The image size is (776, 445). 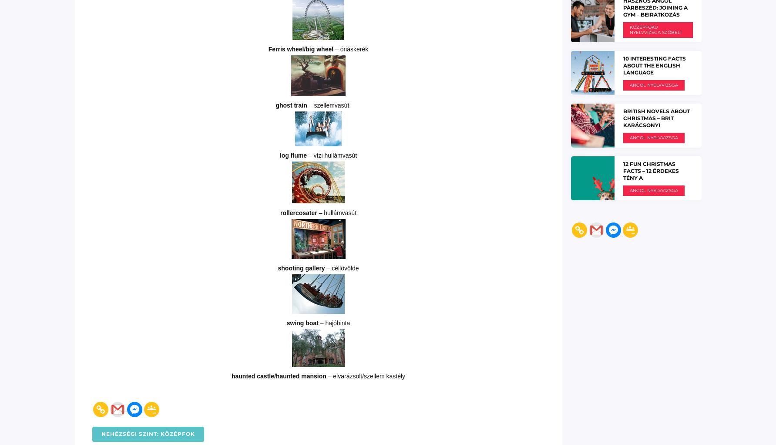 What do you see at coordinates (299, 212) in the screenshot?
I see `'rollercosater'` at bounding box center [299, 212].